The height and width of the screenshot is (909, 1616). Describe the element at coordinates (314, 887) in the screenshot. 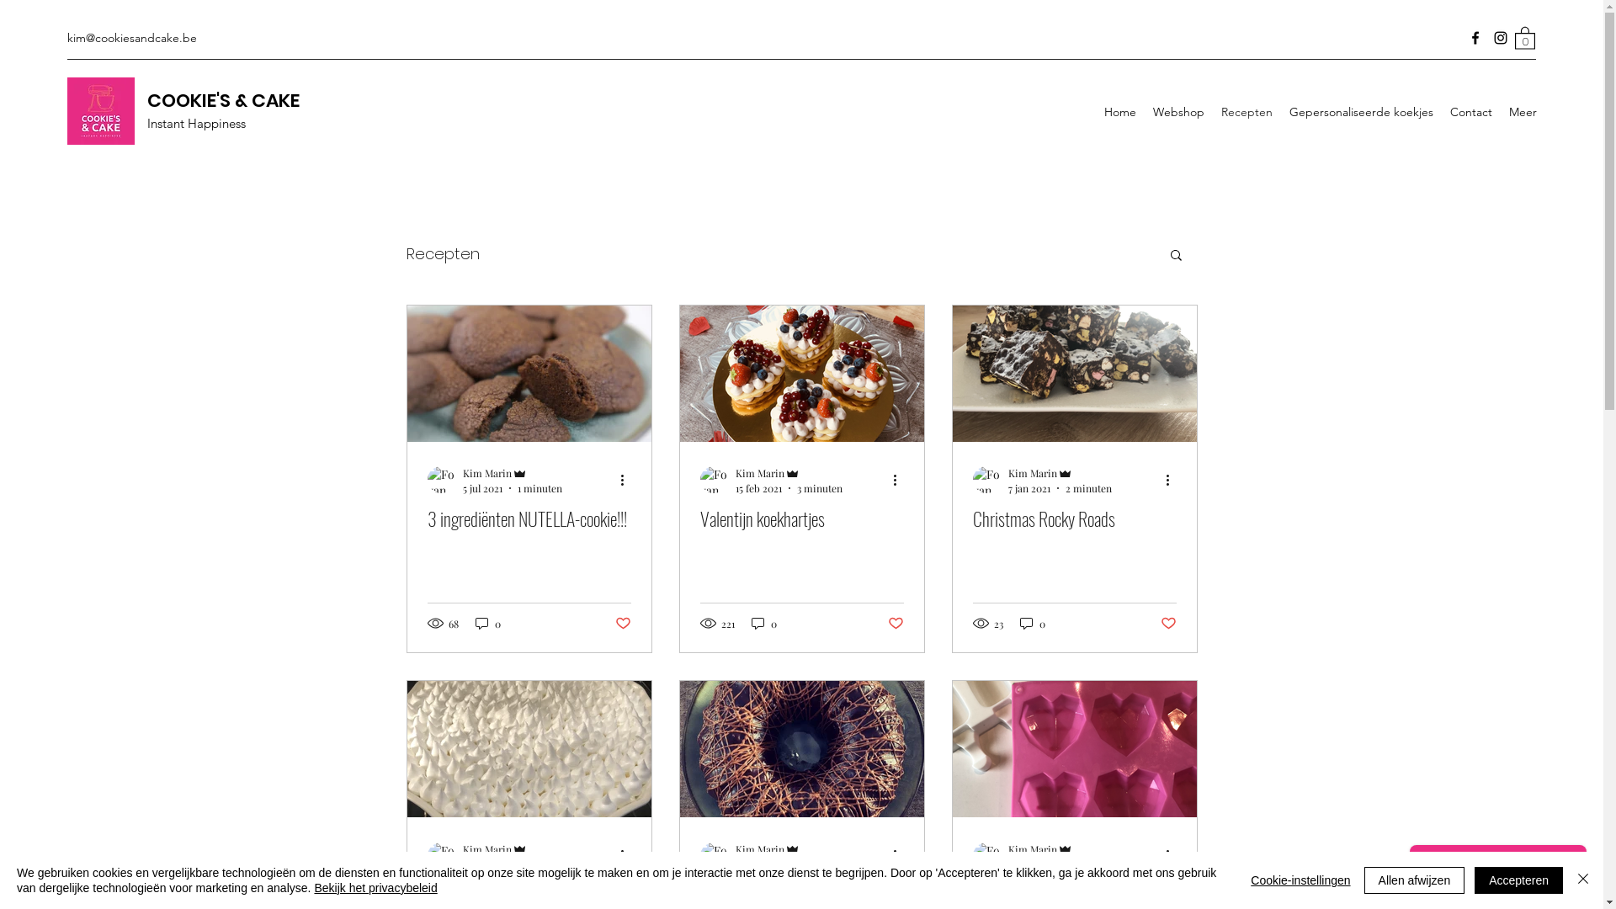

I see `'Bekijk het privacybeleid'` at that location.